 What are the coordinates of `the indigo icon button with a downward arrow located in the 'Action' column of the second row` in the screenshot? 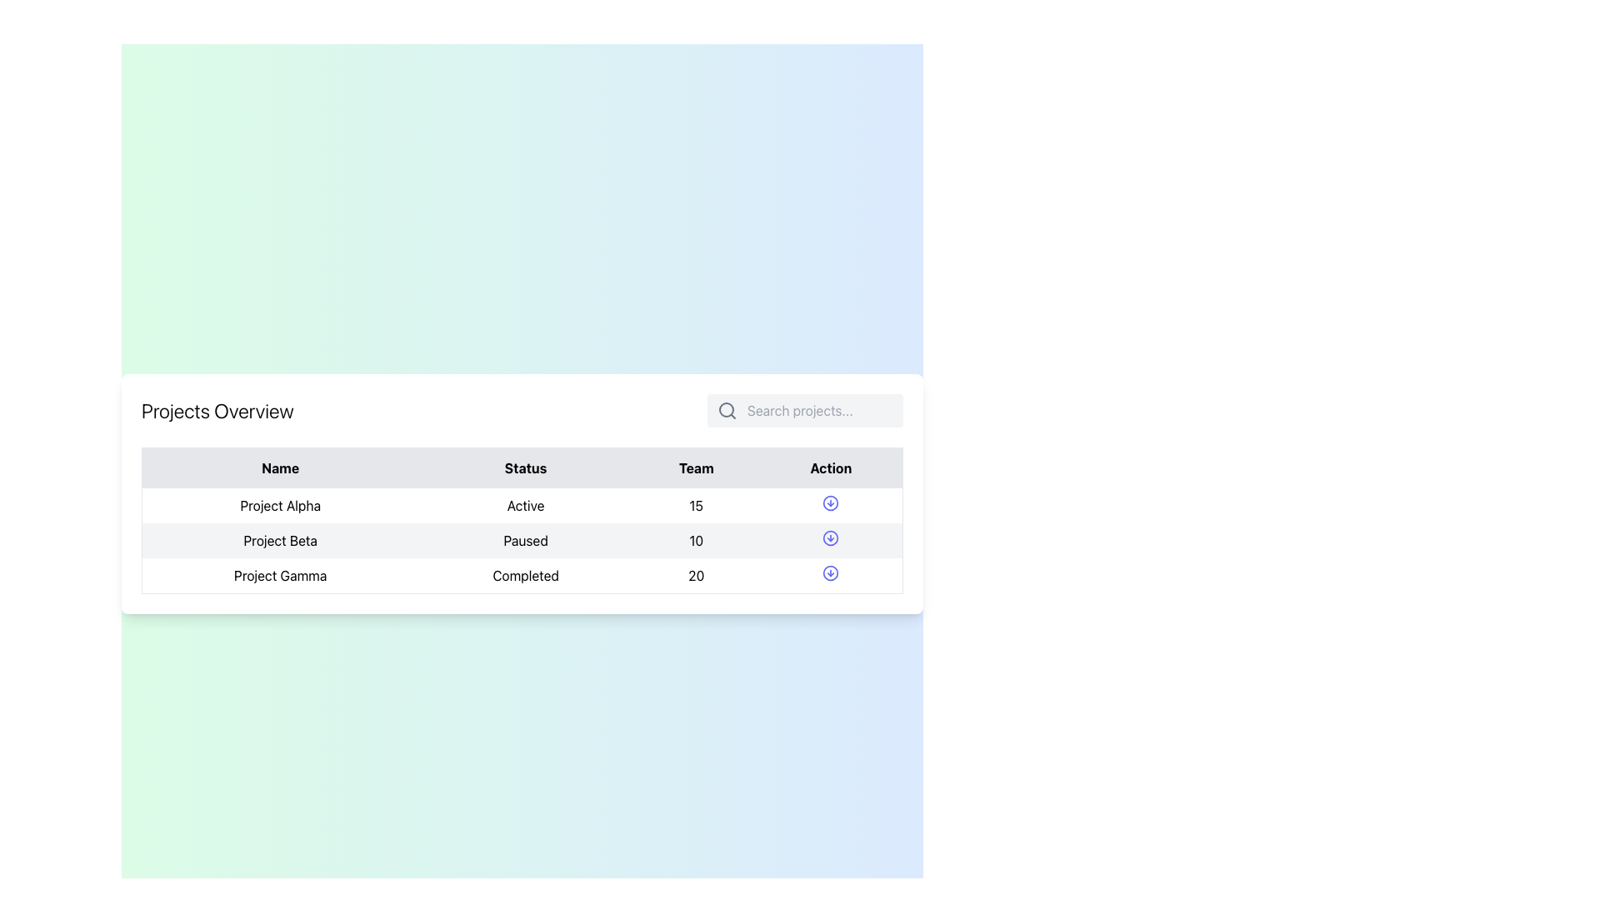 It's located at (831, 540).